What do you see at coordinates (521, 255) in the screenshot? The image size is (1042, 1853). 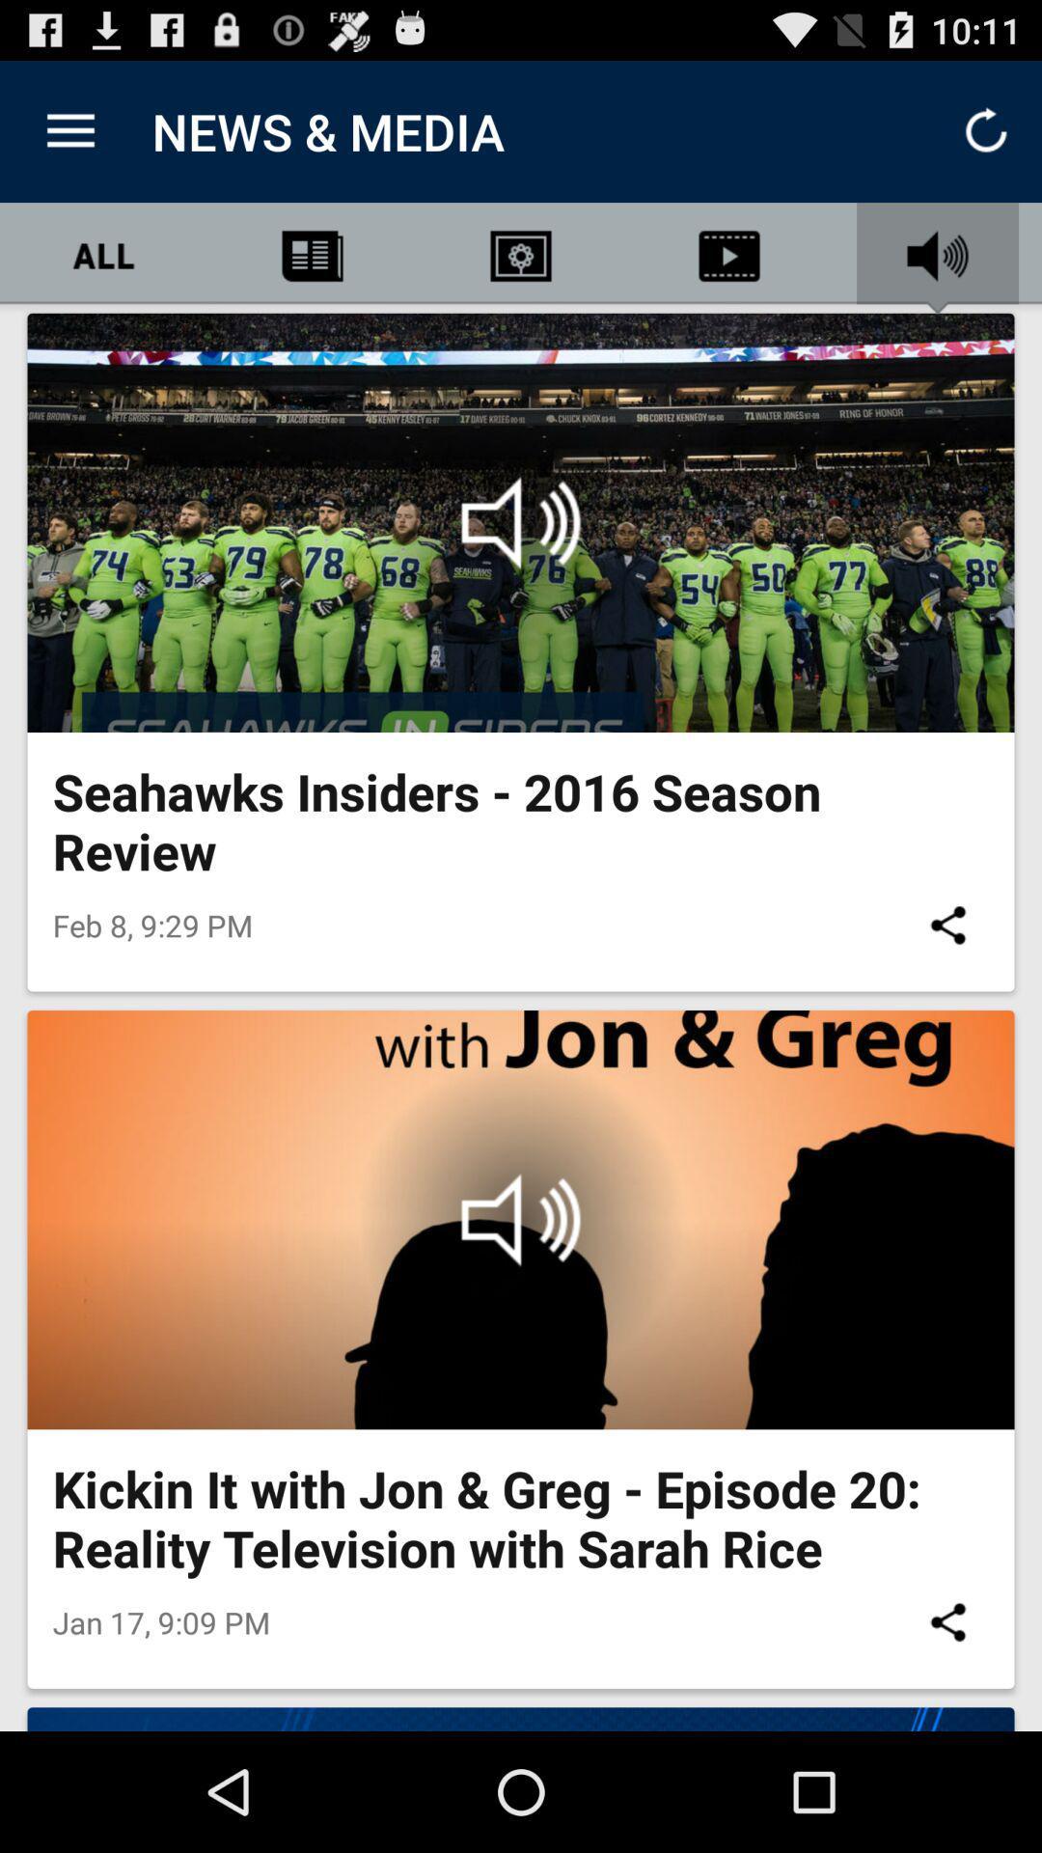 I see `second option next to all` at bounding box center [521, 255].